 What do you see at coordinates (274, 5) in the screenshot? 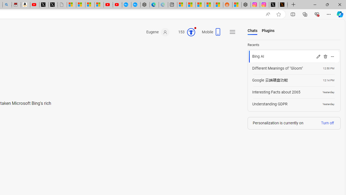
I see `'Log in to X / X'` at bounding box center [274, 5].